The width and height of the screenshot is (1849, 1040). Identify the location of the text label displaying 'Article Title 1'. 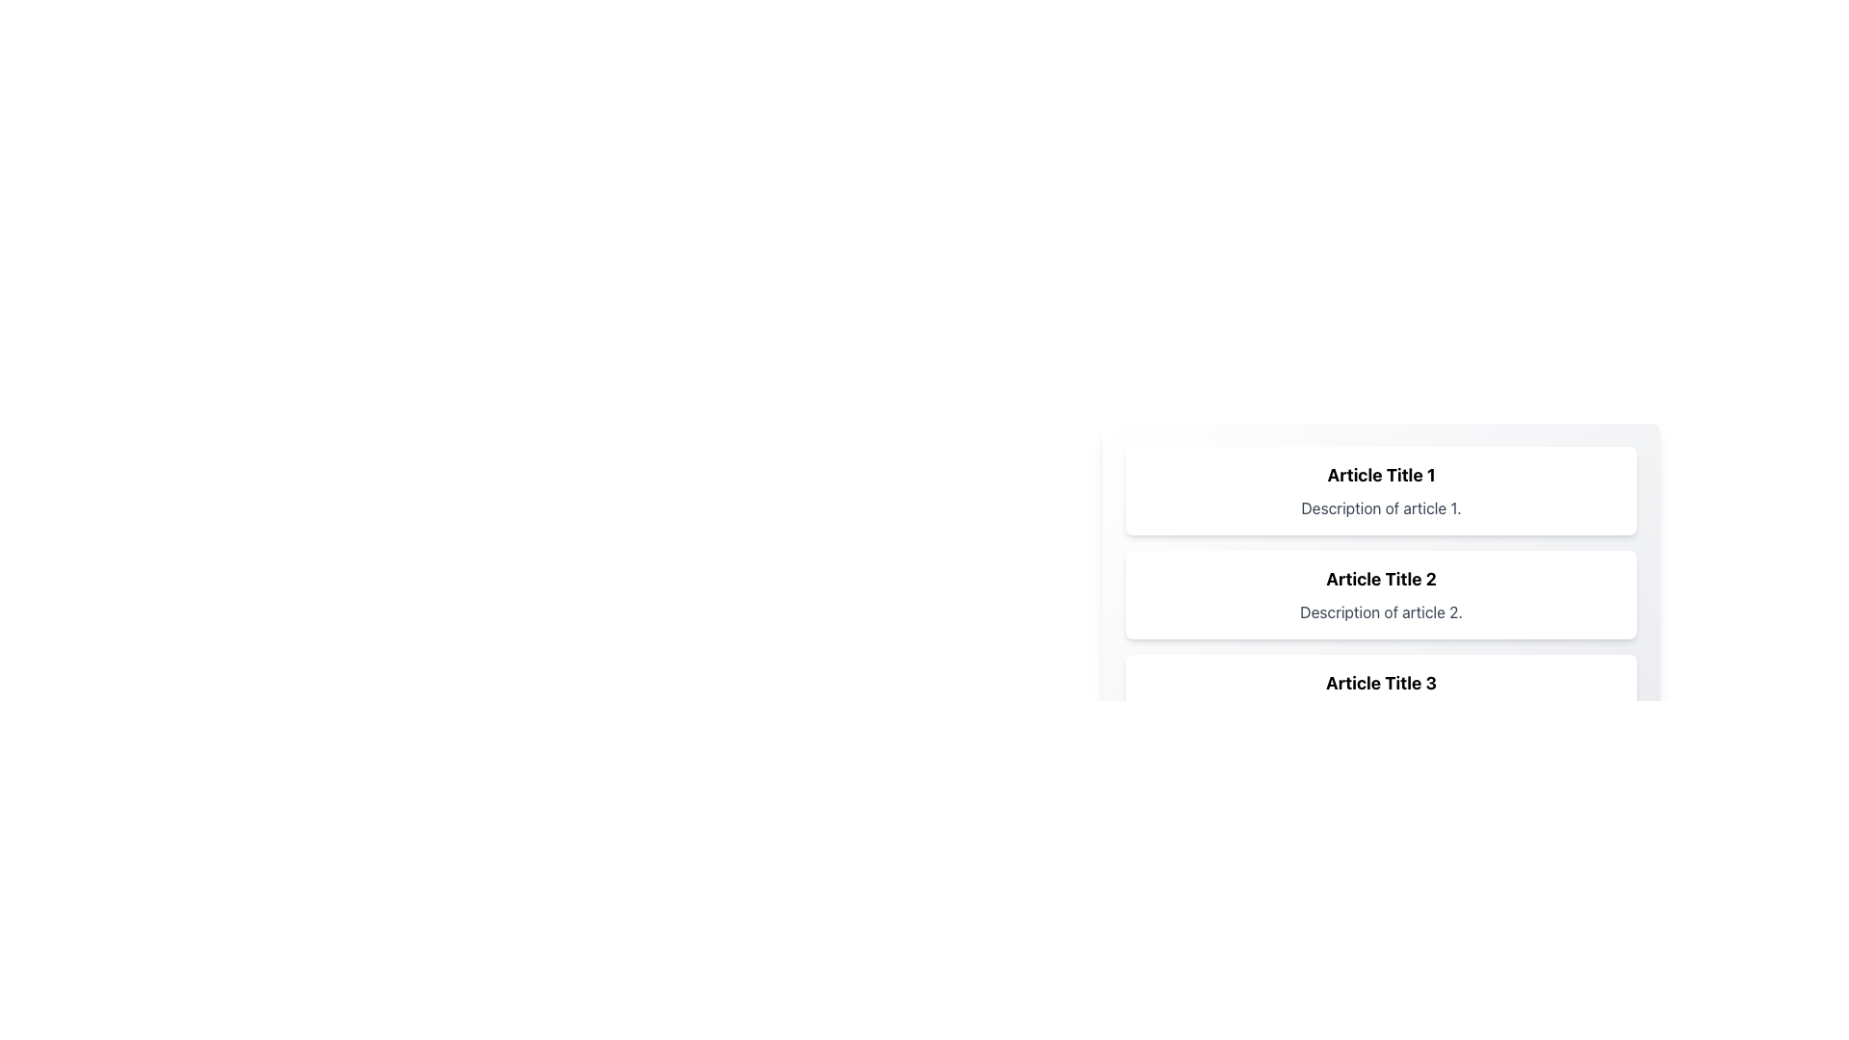
(1380, 475).